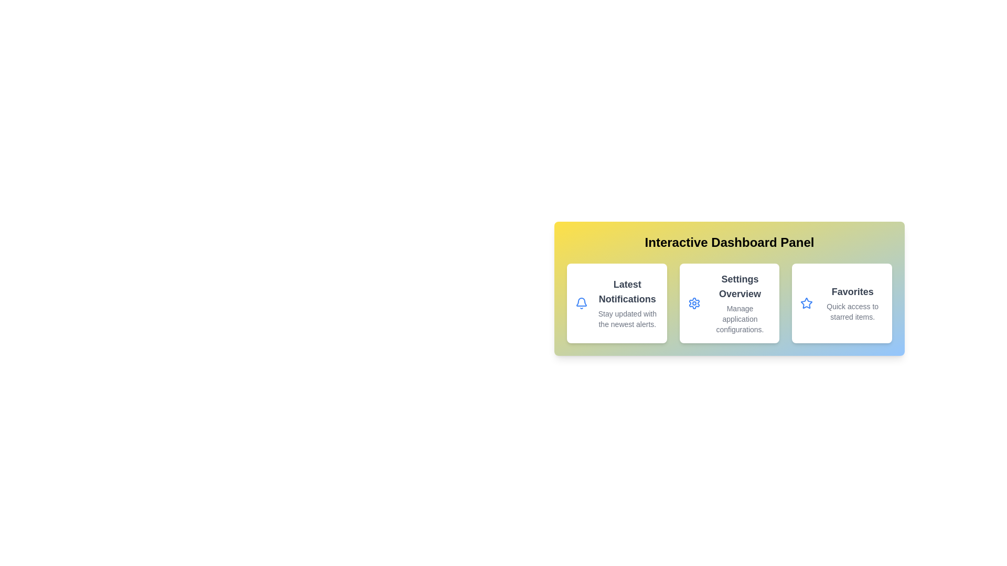 Image resolution: width=1007 pixels, height=566 pixels. Describe the element at coordinates (729, 303) in the screenshot. I see `the section corresponding to Settings Overview` at that location.